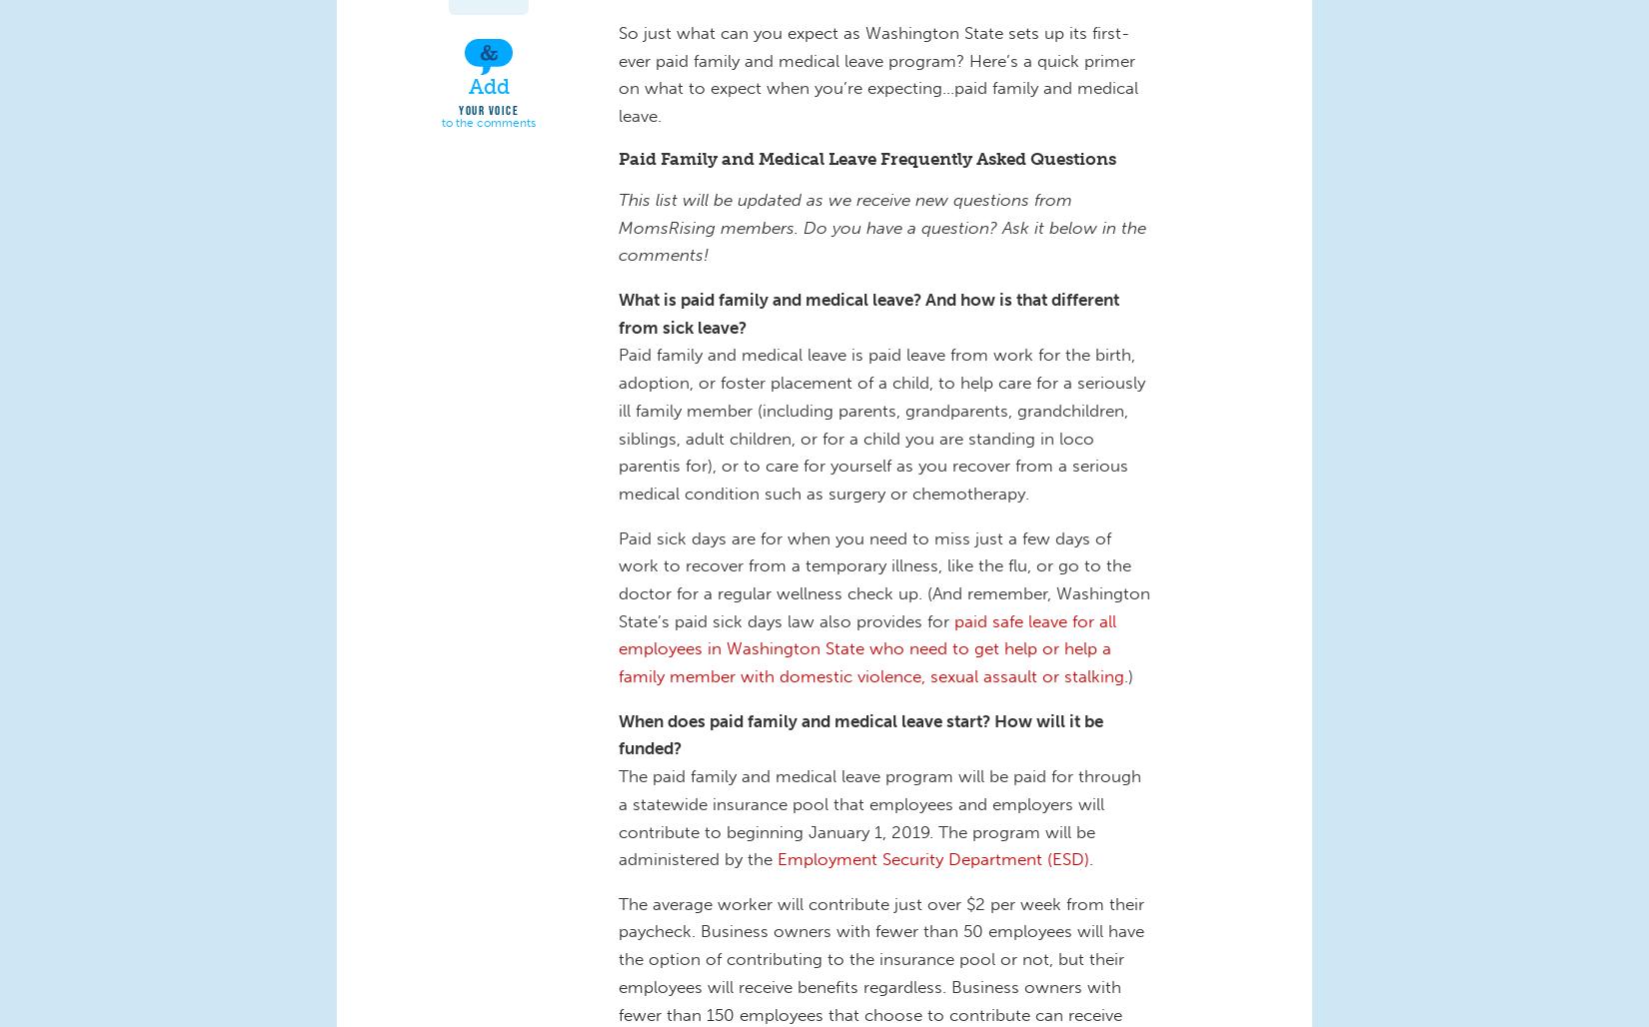 The width and height of the screenshot is (1649, 1027). What do you see at coordinates (466, 84) in the screenshot?
I see `'Add'` at bounding box center [466, 84].